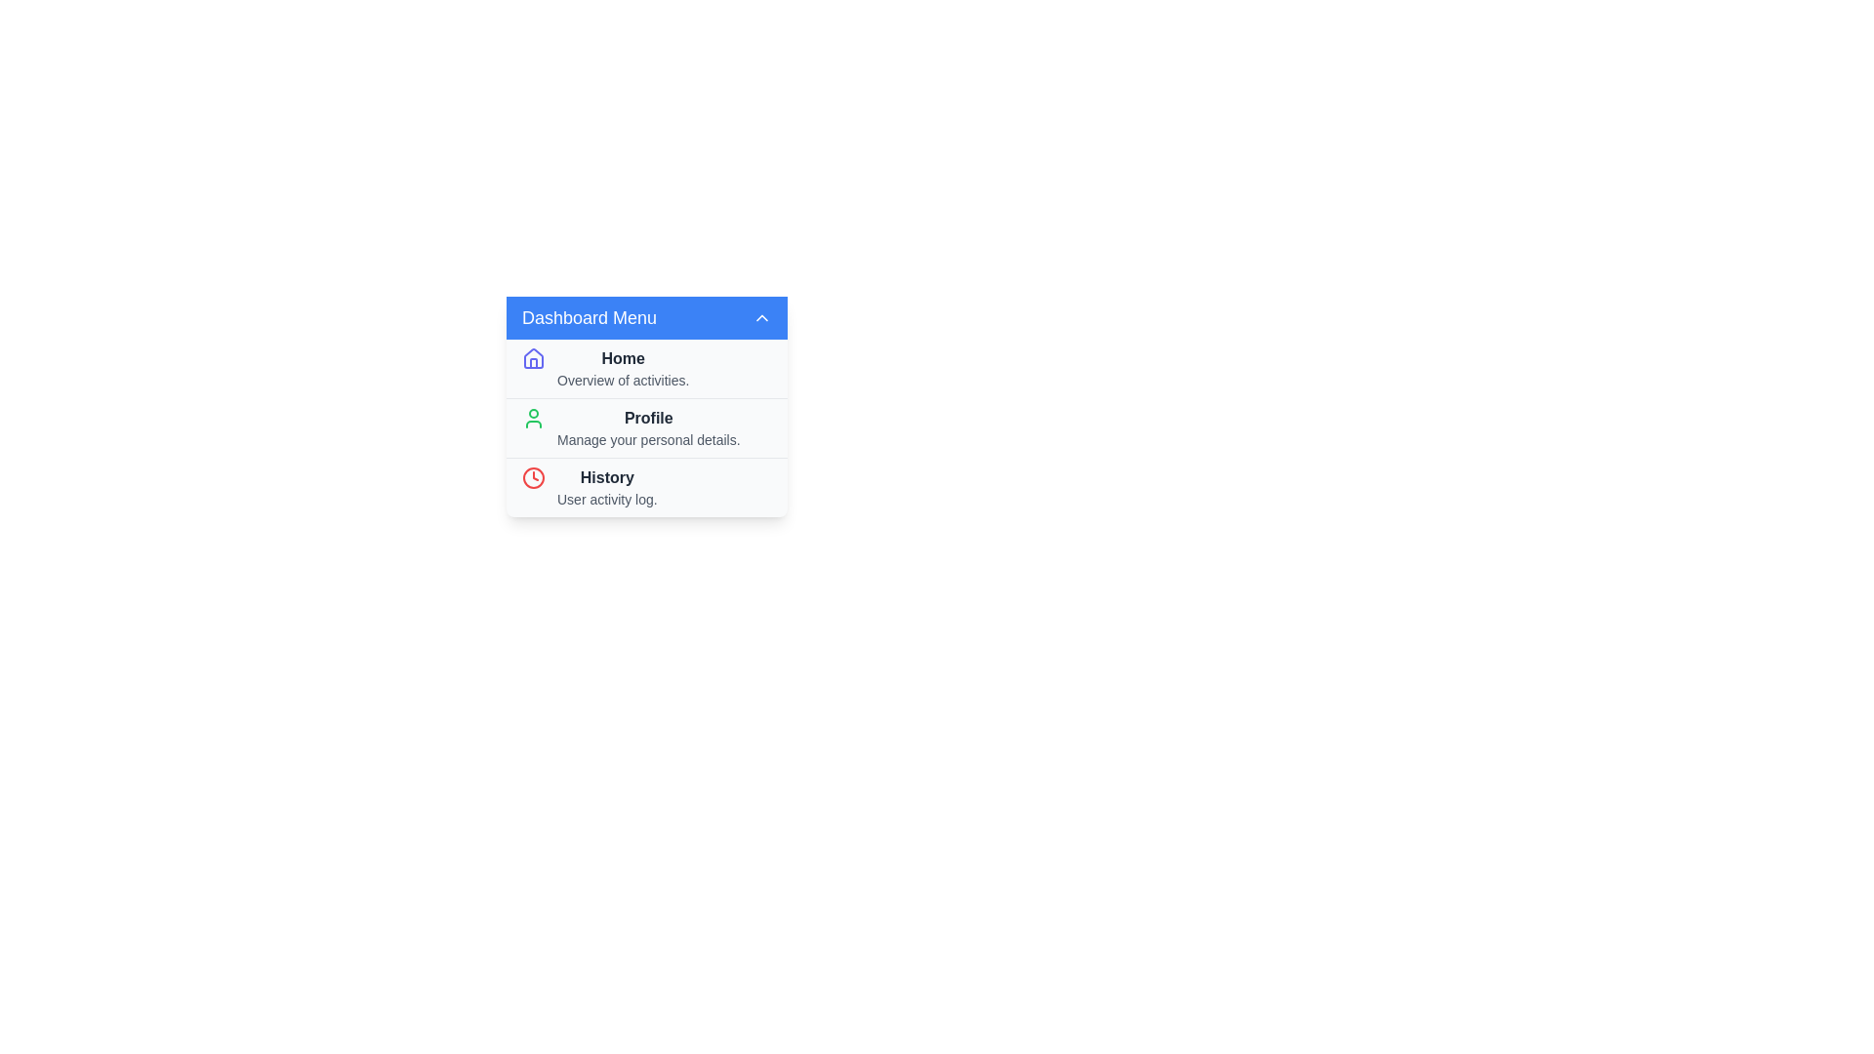  Describe the element at coordinates (534, 358) in the screenshot. I see `the indigo outlined house icon located to the left of the bold 'Home' text in the 'Dashboard Menu'` at that location.